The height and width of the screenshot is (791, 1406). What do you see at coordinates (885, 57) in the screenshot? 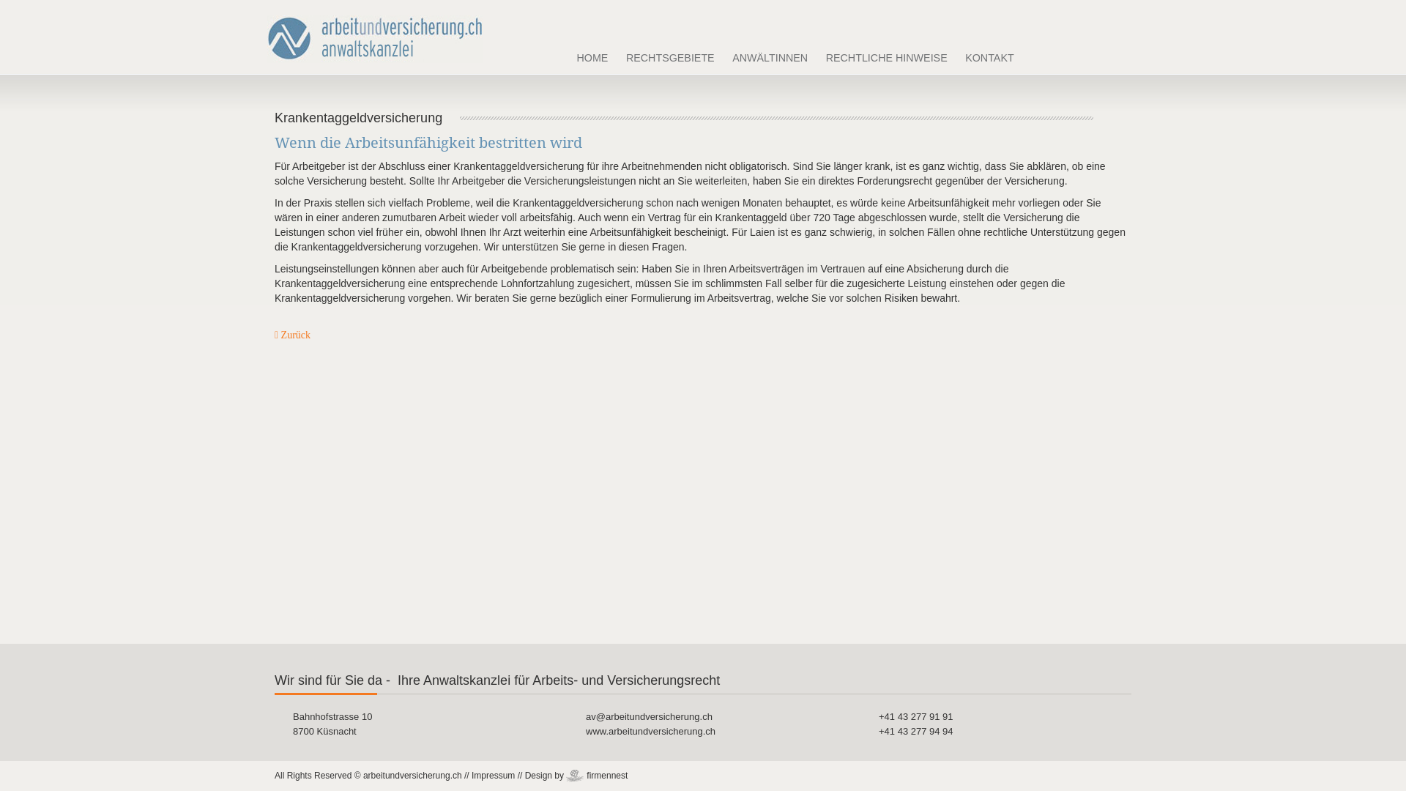
I see `'RECHTLICHE HINWEISE'` at bounding box center [885, 57].